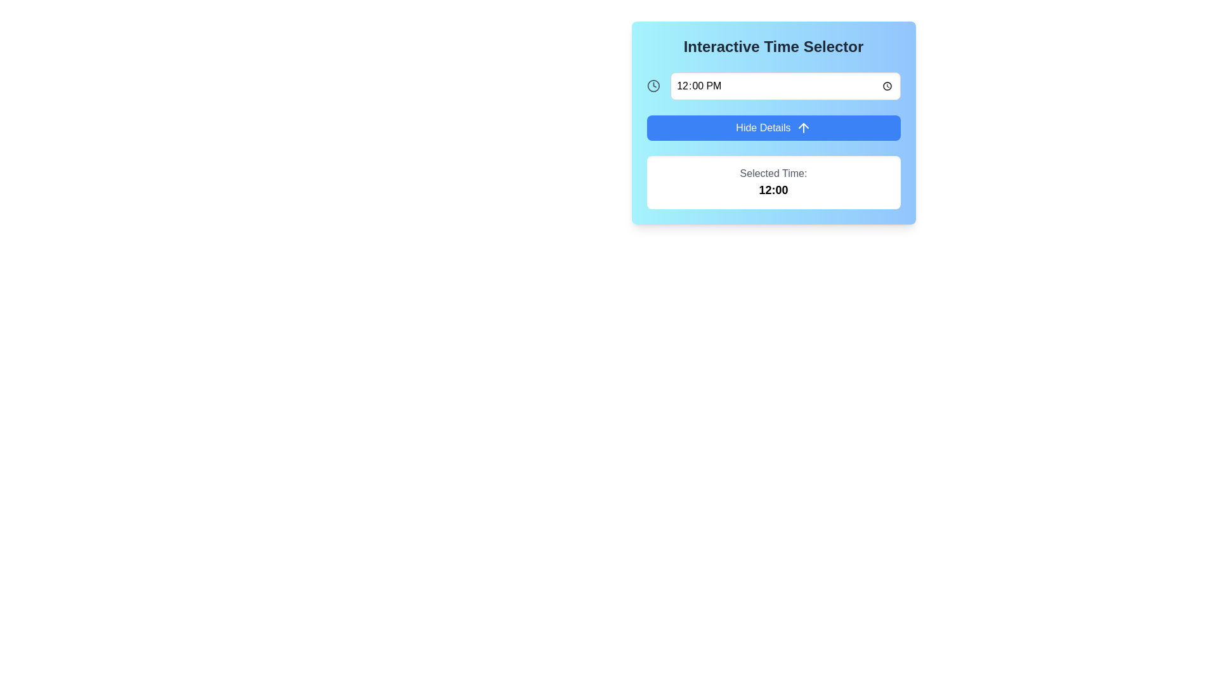 Image resolution: width=1218 pixels, height=685 pixels. What do you see at coordinates (773, 173) in the screenshot?
I see `the label displaying 'Selected Time:' which is located in a white rounded box beneath the blue button labeled 'Hide Details ↑'` at bounding box center [773, 173].